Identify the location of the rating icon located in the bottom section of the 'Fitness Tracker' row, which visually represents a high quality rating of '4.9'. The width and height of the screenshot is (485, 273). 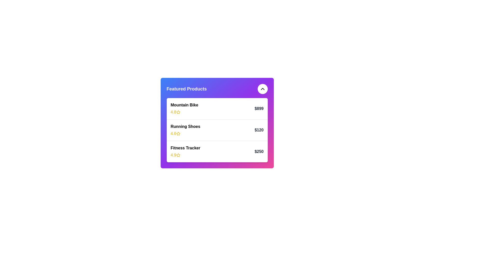
(178, 155).